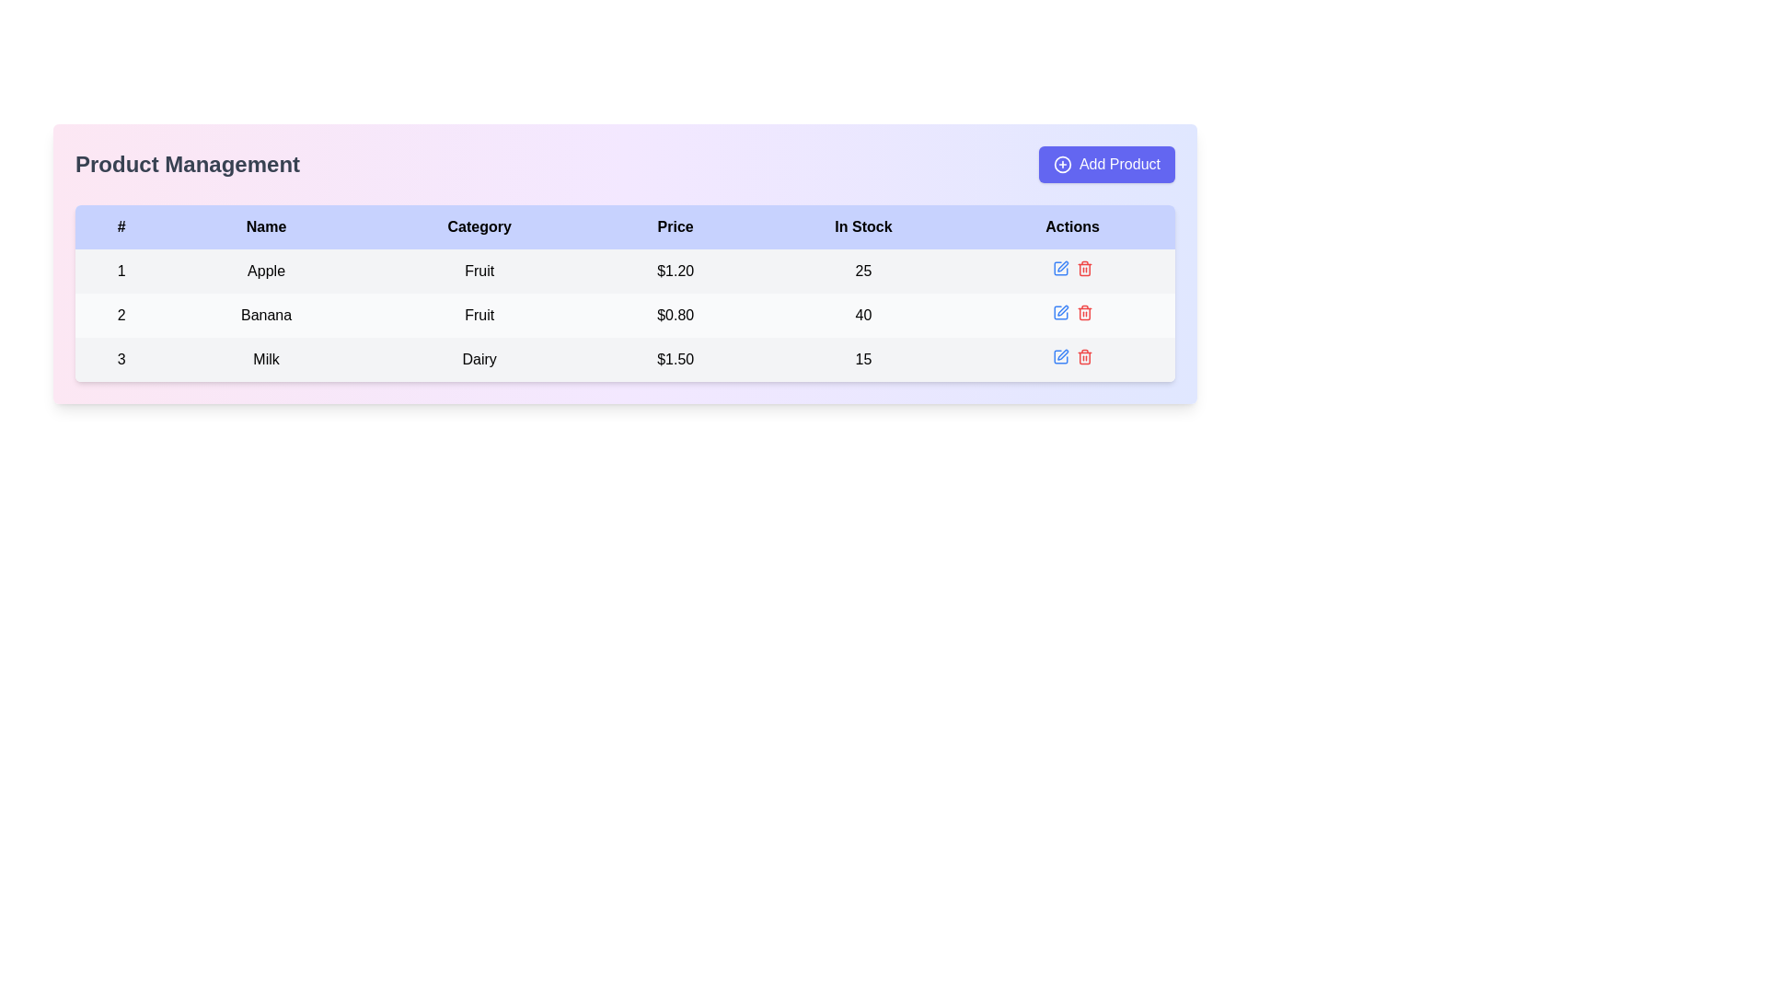  What do you see at coordinates (121, 271) in the screenshot?
I see `the singular digit '1' displayed in plain text style, located in the first column of the first row of the table under the '#' header` at bounding box center [121, 271].